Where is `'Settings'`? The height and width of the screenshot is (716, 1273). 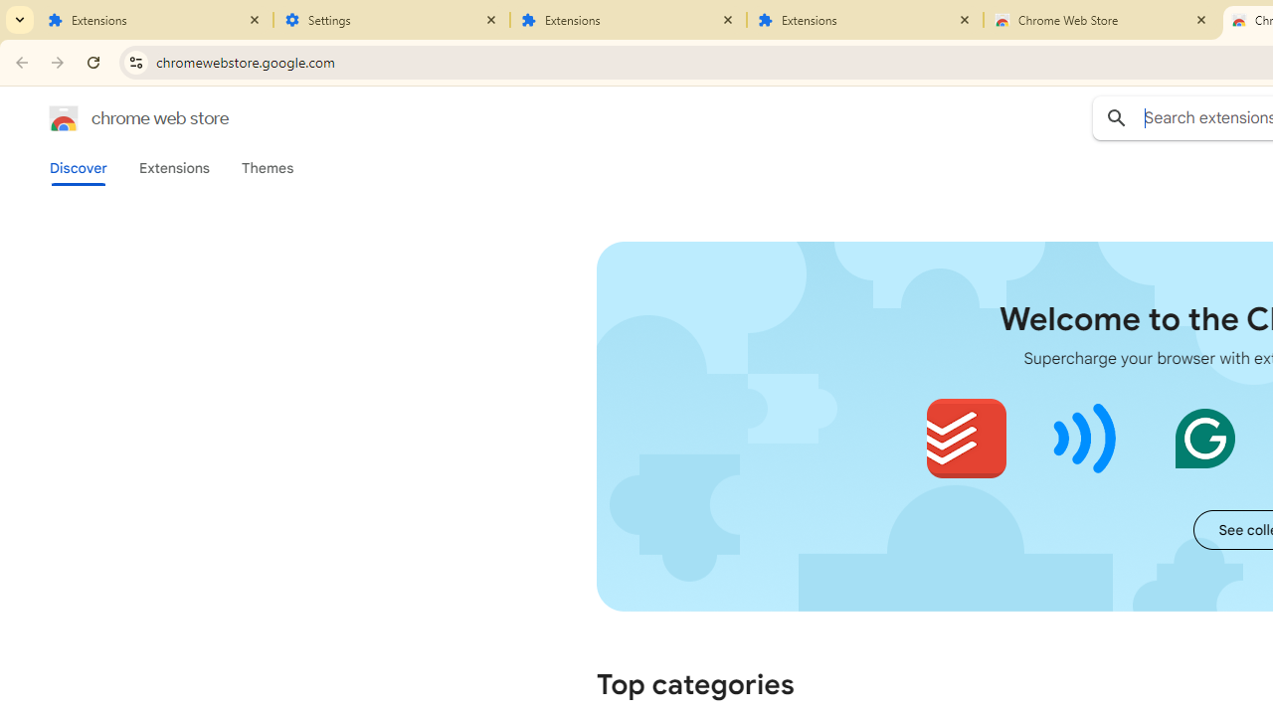 'Settings' is located at coordinates (392, 20).